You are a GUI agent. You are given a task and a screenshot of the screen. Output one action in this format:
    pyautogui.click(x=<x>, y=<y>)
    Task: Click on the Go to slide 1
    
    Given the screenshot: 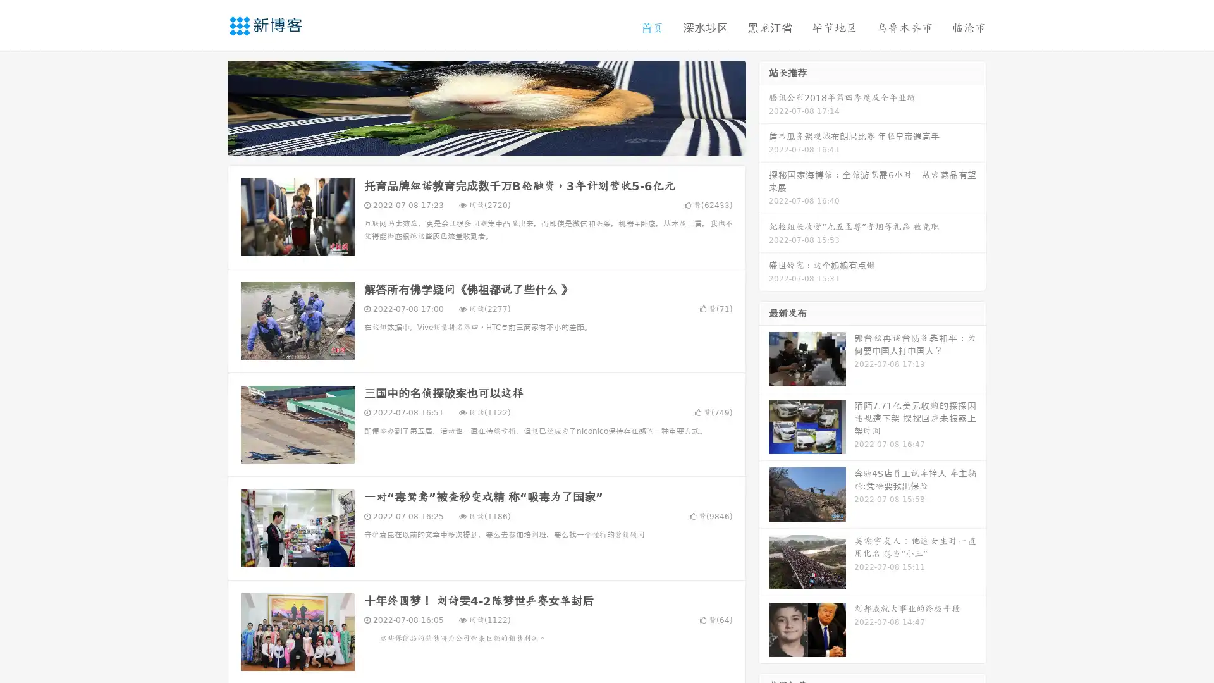 What is the action you would take?
    pyautogui.click(x=473, y=142)
    